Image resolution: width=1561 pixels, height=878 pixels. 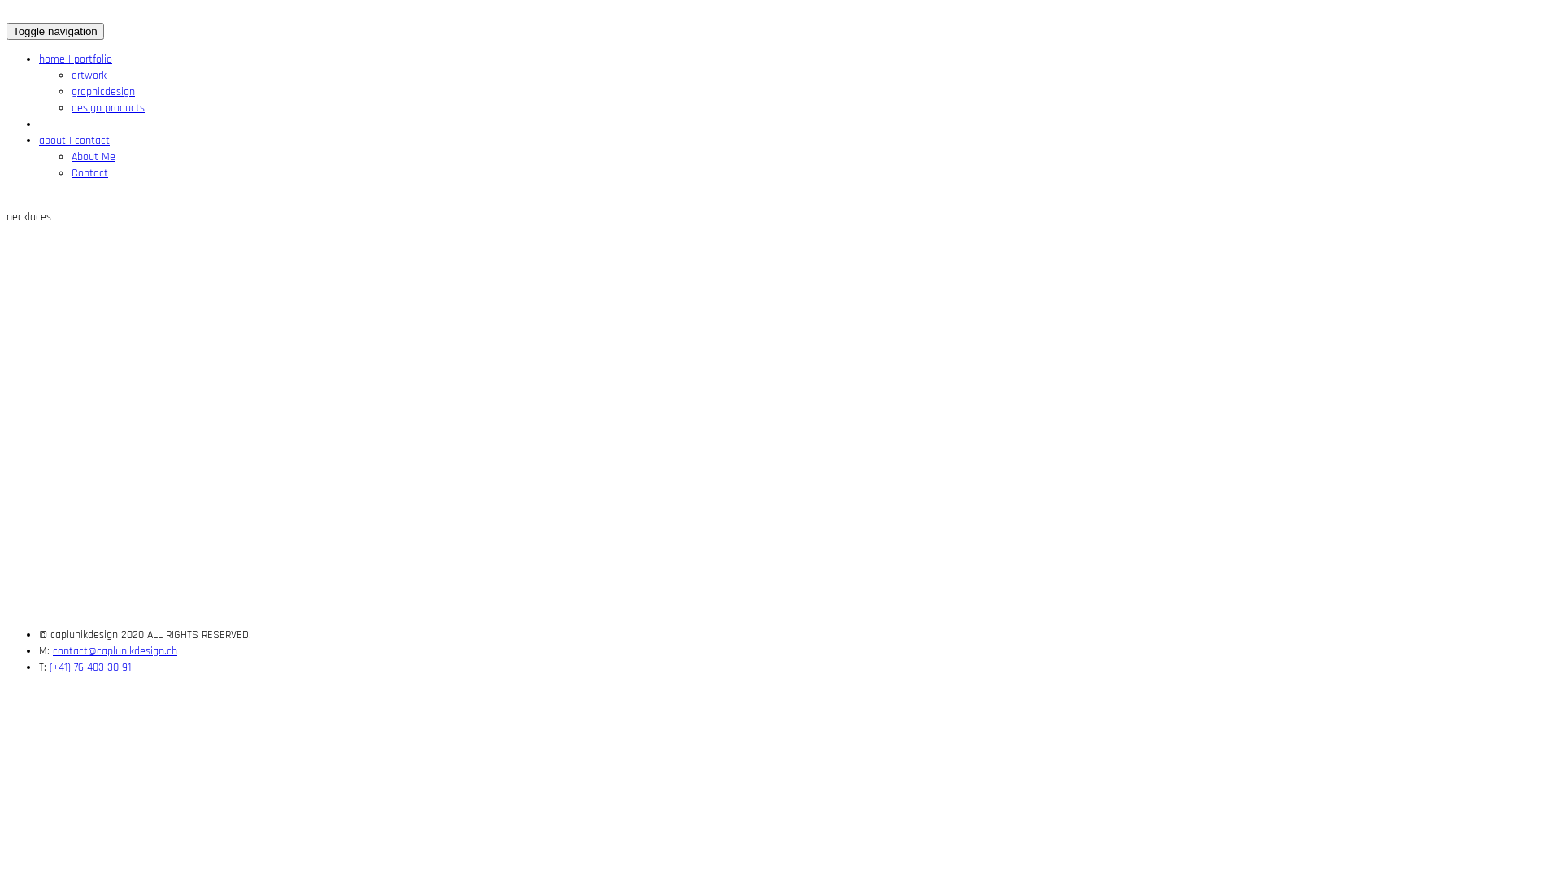 What do you see at coordinates (93, 156) in the screenshot?
I see `'About Me'` at bounding box center [93, 156].